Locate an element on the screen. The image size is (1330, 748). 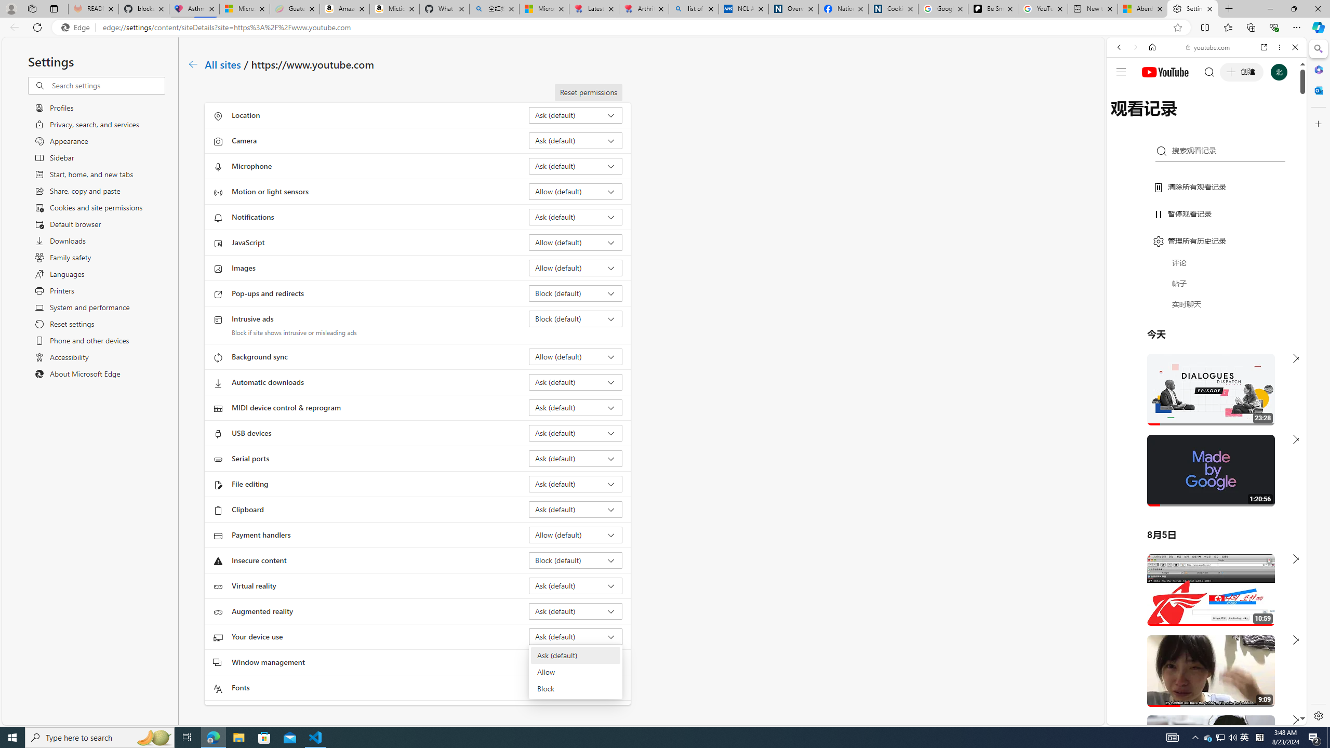
'Microphone Ask (default)' is located at coordinates (576, 165).